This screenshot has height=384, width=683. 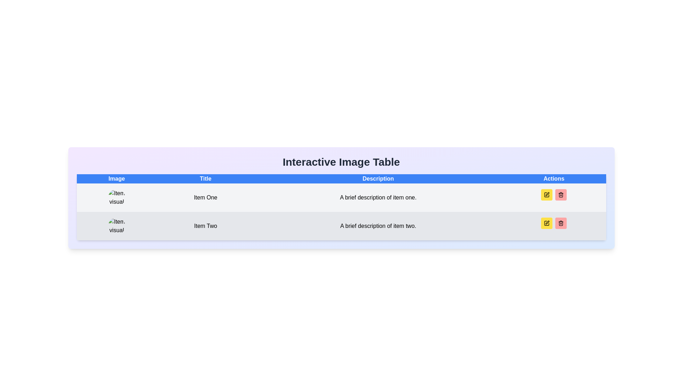 What do you see at coordinates (378, 197) in the screenshot?
I see `text label that contains 'A brief description of item one.' located in the first row of the table under the 'Description' column` at bounding box center [378, 197].